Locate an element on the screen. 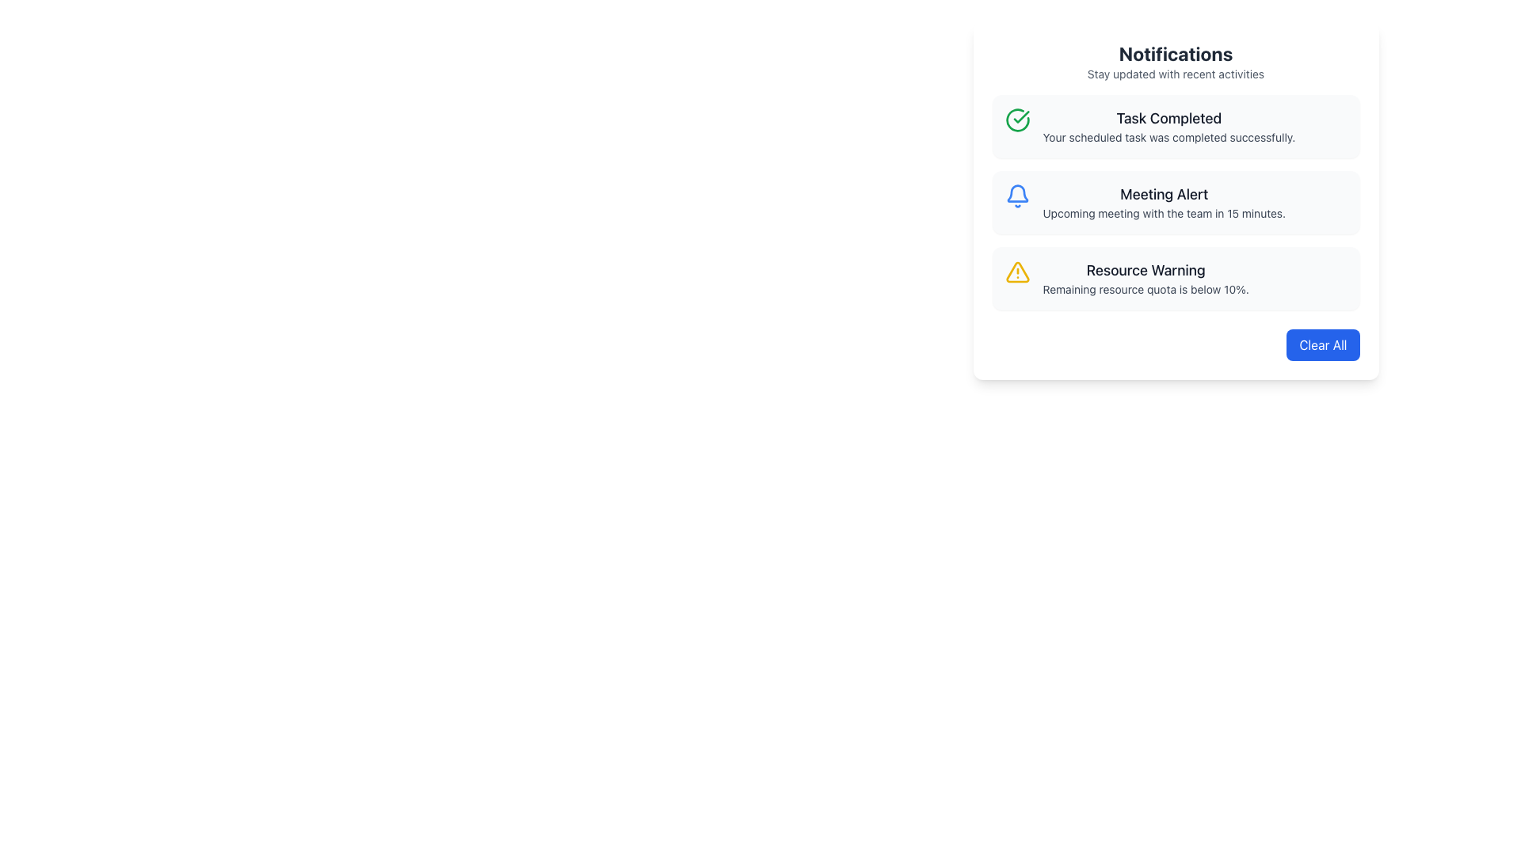  the 'Clear All' button, which has a blue background and white text, located in the bottom-right corner of the notification section, to clear all notifications is located at coordinates (1323, 344).